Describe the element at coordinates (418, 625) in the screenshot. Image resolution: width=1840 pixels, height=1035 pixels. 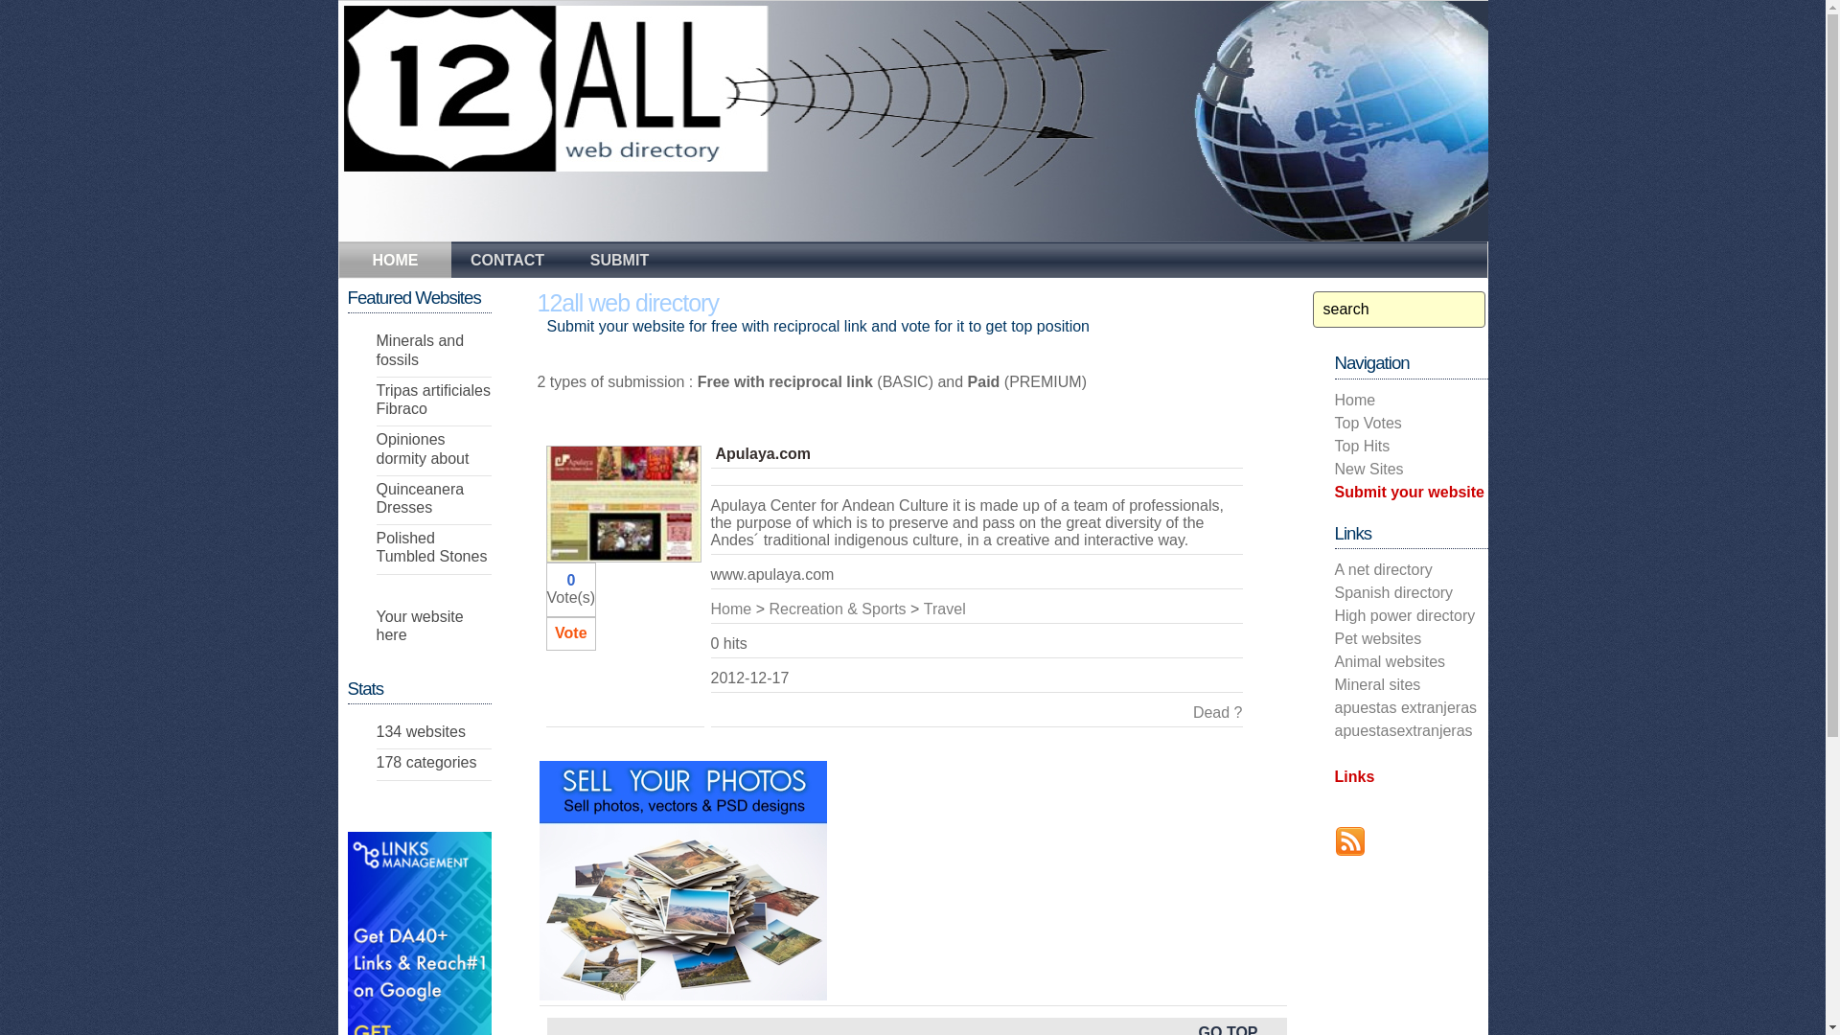
I see `'Your website here'` at that location.